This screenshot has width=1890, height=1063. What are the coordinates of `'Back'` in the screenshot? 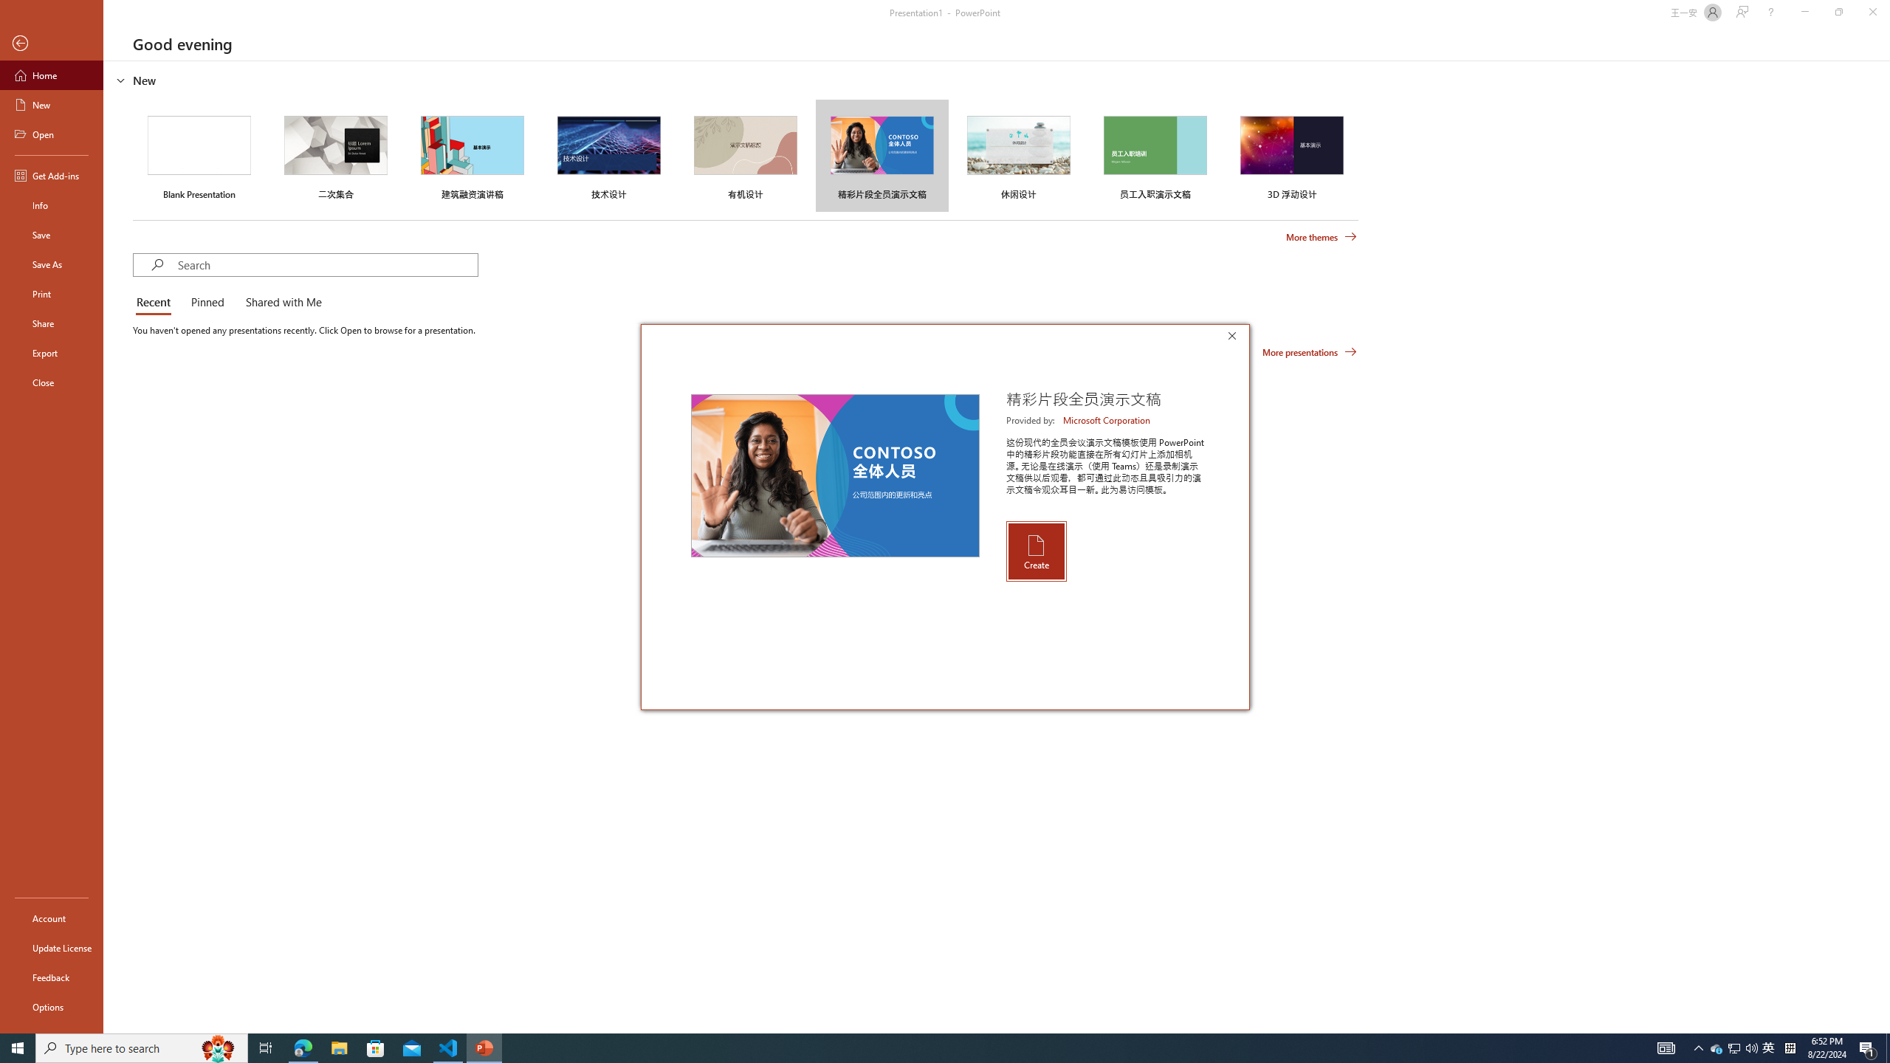 It's located at (51, 43).